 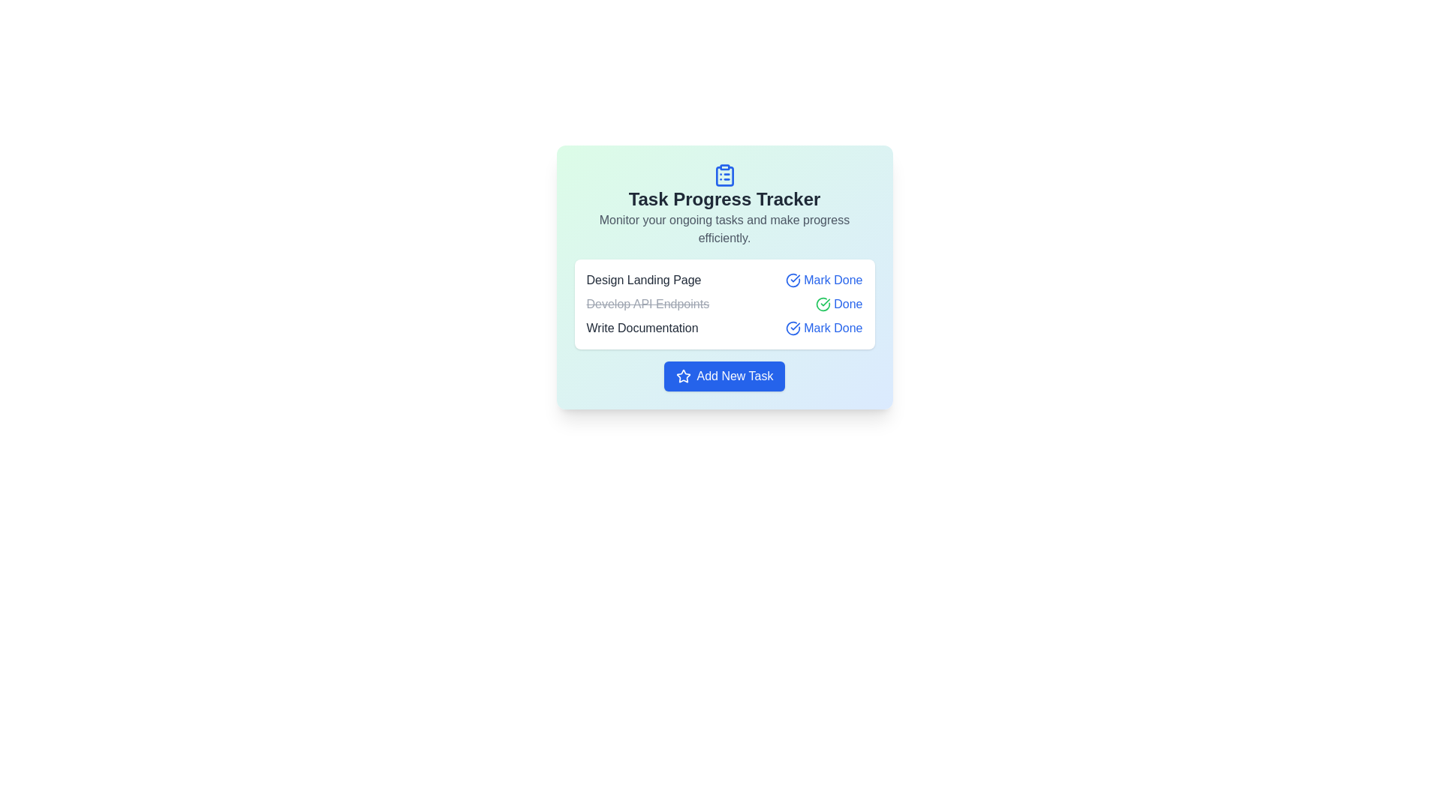 What do you see at coordinates (823, 304) in the screenshot?
I see `the 'Done' icon located within the 'Mark Done' button for the second task, titled 'Develop API Endpoints', positioned to the right of the task text` at bounding box center [823, 304].